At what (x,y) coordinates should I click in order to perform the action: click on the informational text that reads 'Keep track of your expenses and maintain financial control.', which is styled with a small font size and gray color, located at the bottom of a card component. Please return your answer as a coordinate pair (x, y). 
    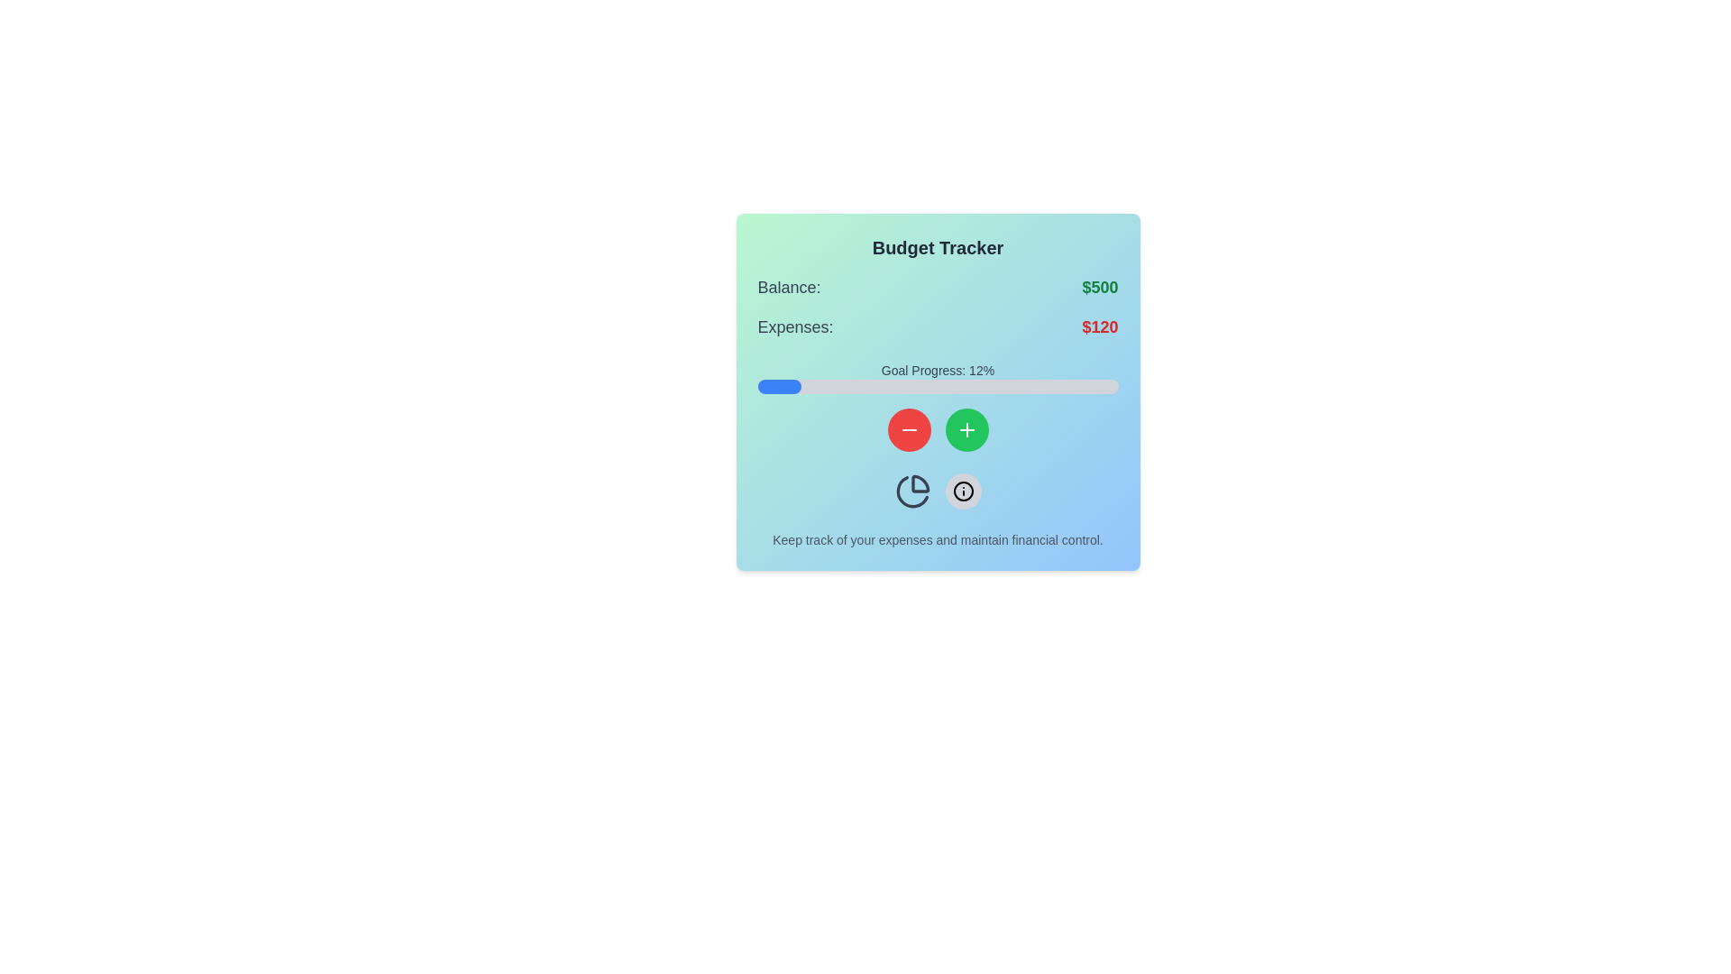
    Looking at the image, I should click on (938, 538).